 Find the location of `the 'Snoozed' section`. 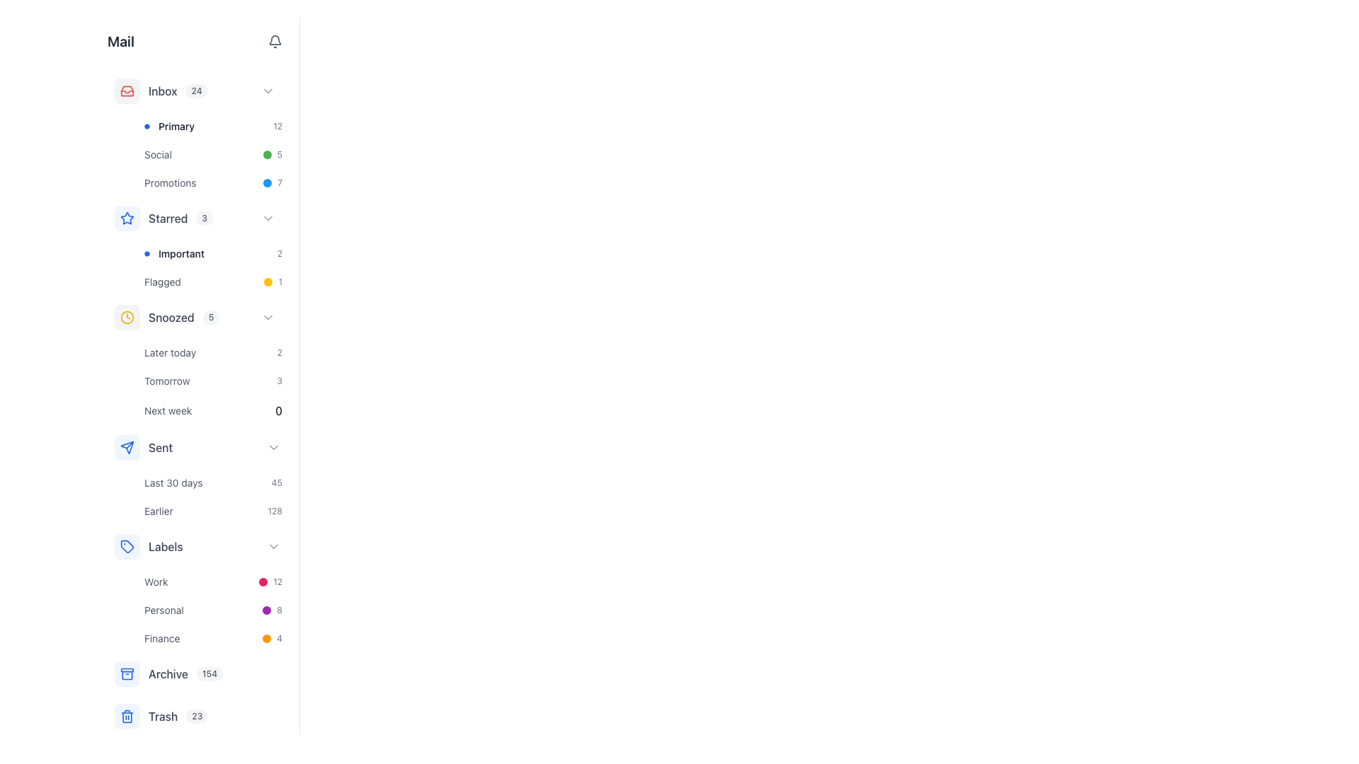

the 'Snoozed' section is located at coordinates (166, 316).